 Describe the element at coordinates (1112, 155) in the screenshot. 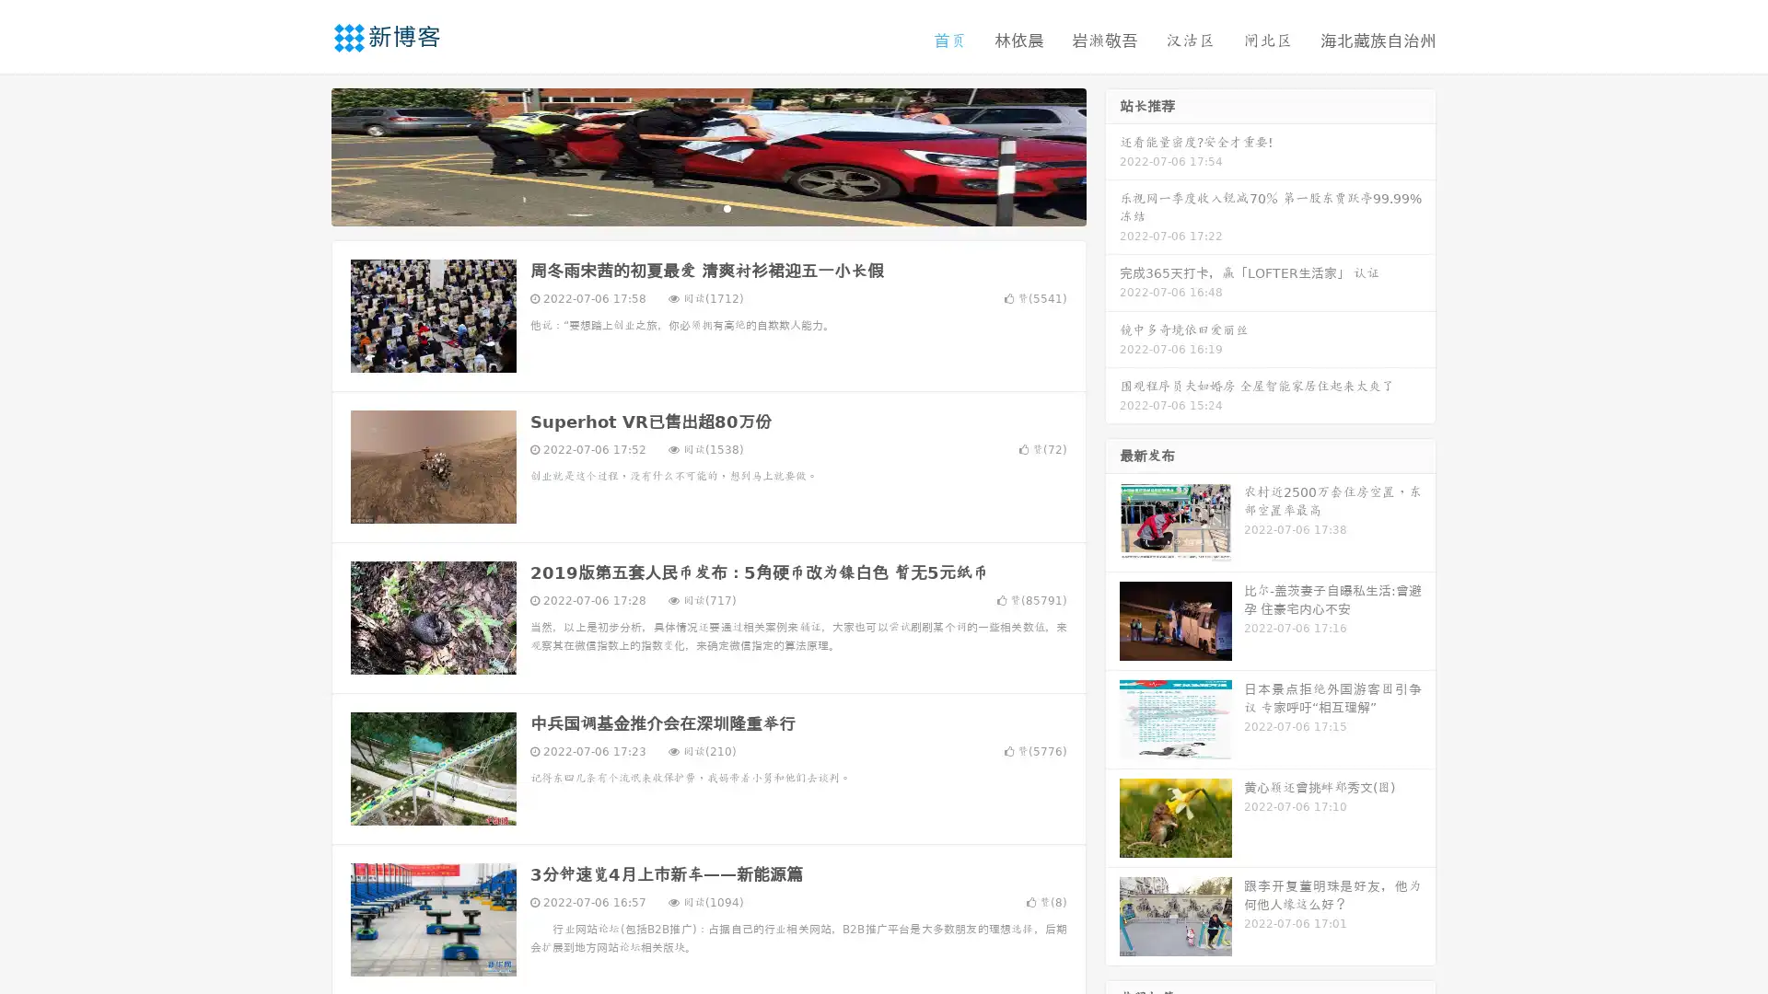

I see `Next slide` at that location.